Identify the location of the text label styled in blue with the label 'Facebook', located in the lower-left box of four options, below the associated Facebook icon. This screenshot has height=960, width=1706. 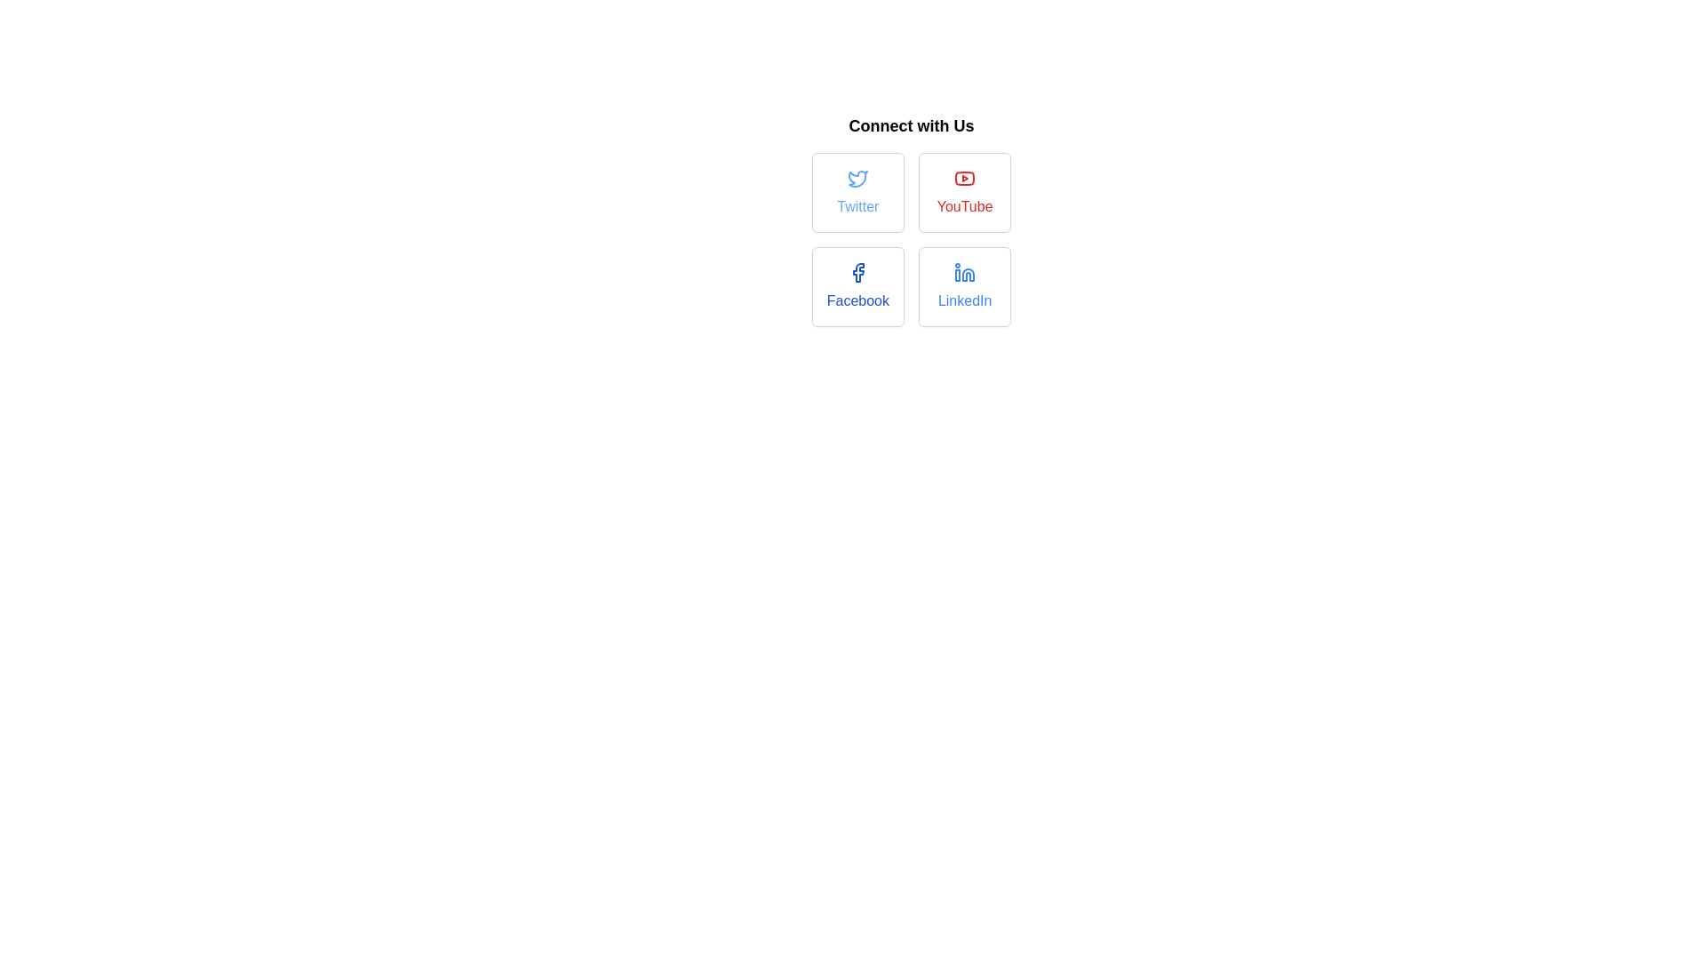
(857, 300).